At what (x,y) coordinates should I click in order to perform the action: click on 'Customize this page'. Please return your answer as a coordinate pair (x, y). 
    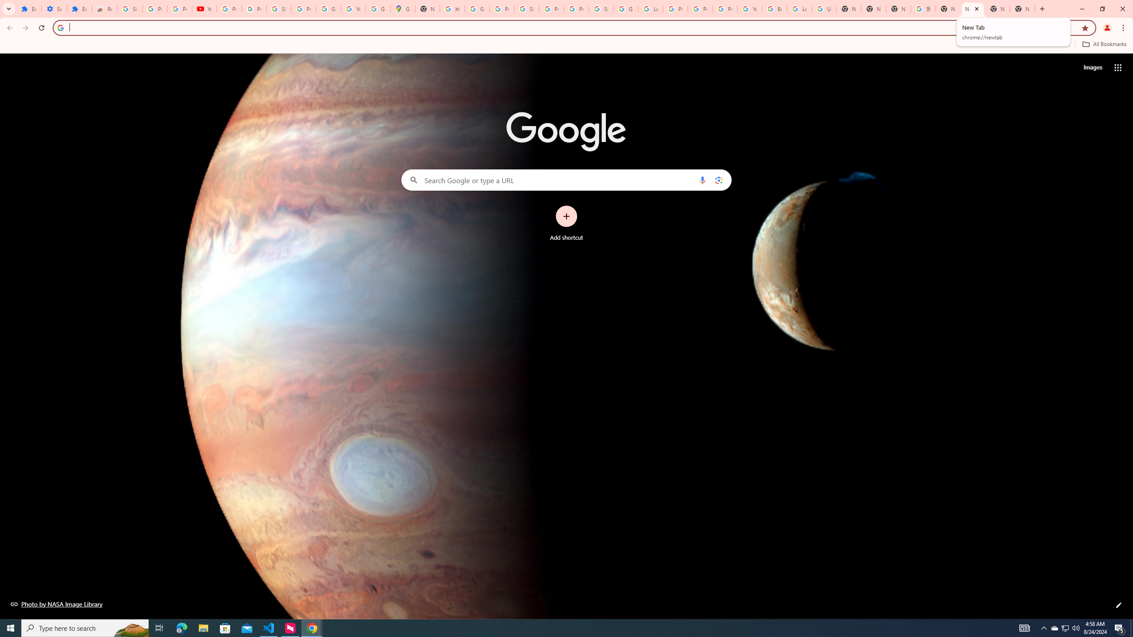
    Looking at the image, I should click on (1118, 605).